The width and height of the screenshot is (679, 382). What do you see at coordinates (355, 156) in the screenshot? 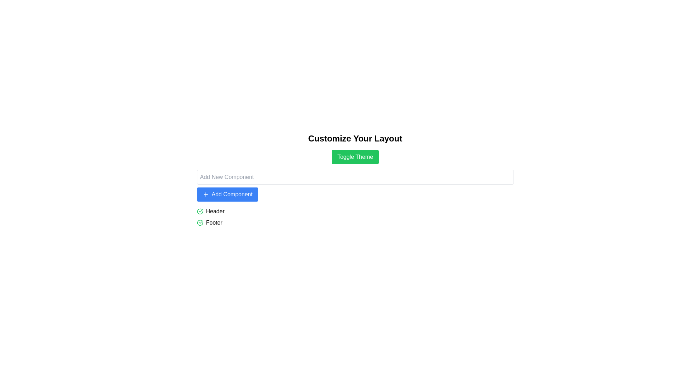
I see `the 'Toggle Theme' button, which is a green rectangular button with white text, to observe the styling change` at bounding box center [355, 156].